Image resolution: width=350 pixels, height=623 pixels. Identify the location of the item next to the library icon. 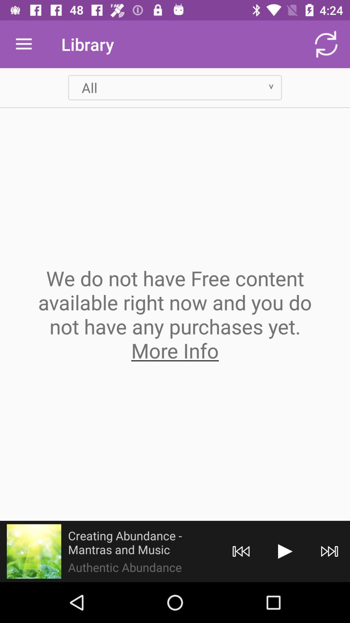
(326, 44).